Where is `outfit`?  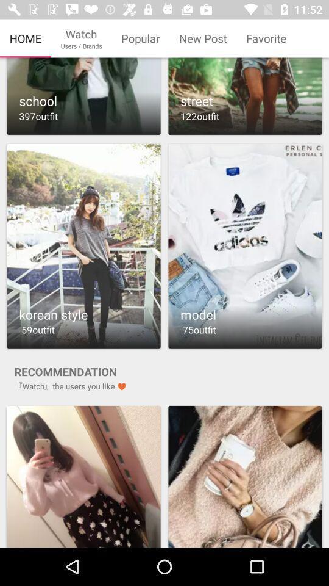 outfit is located at coordinates (245, 245).